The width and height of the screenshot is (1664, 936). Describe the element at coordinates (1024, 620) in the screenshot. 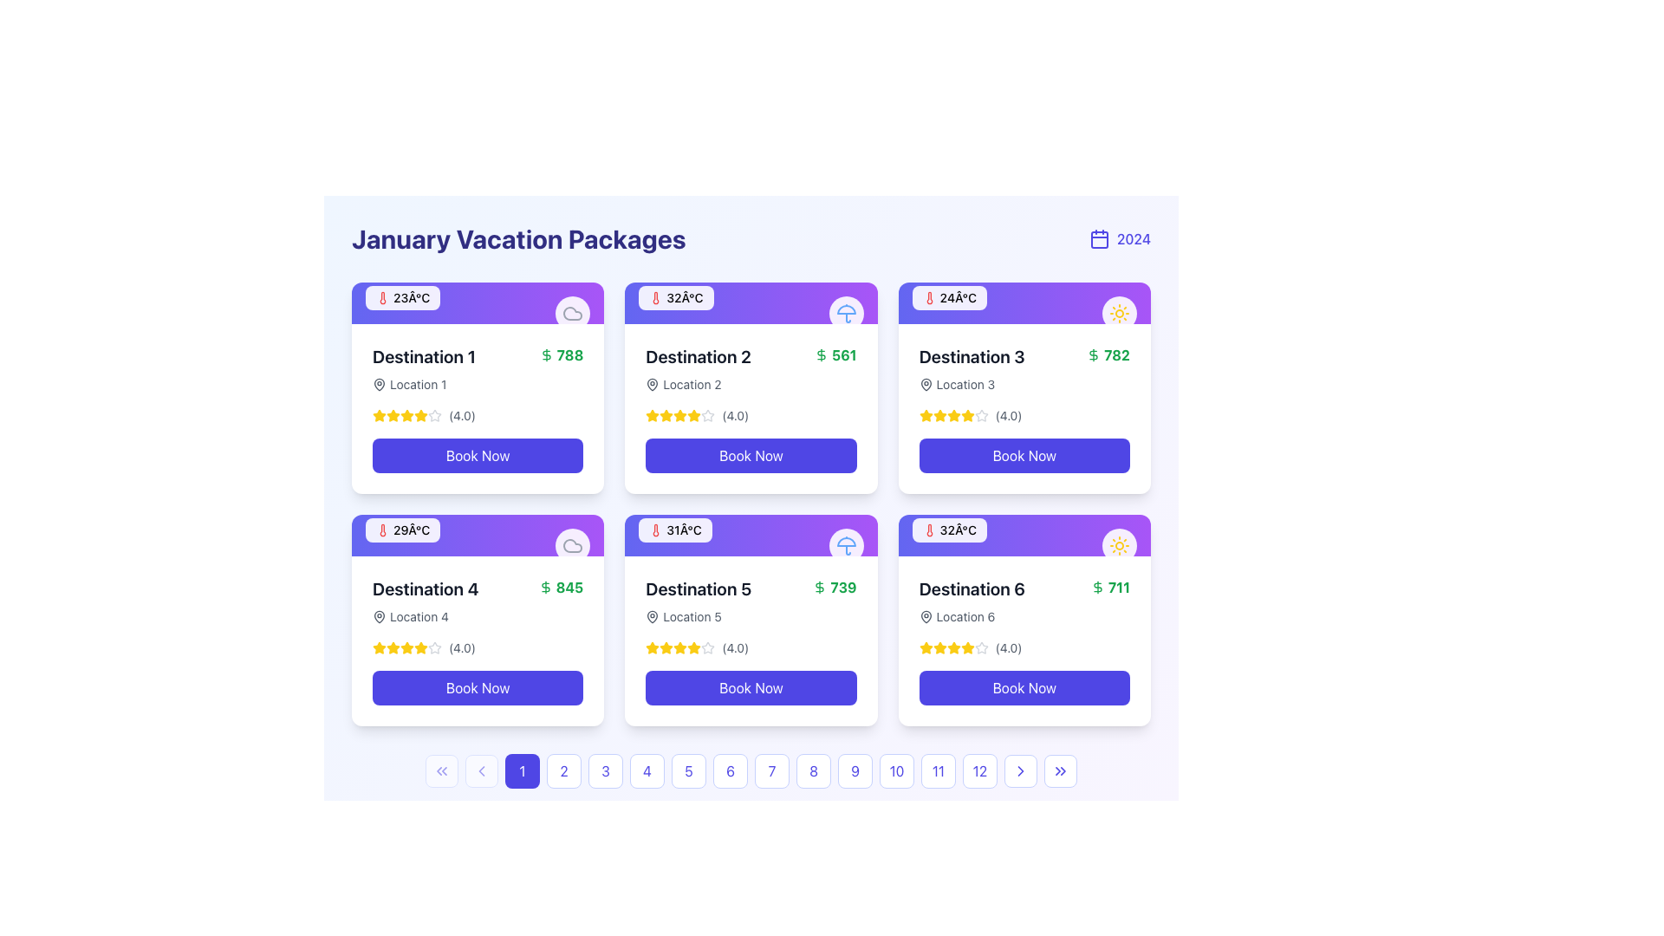

I see `the Information card located in the bottom-right position of the grid layout` at that location.